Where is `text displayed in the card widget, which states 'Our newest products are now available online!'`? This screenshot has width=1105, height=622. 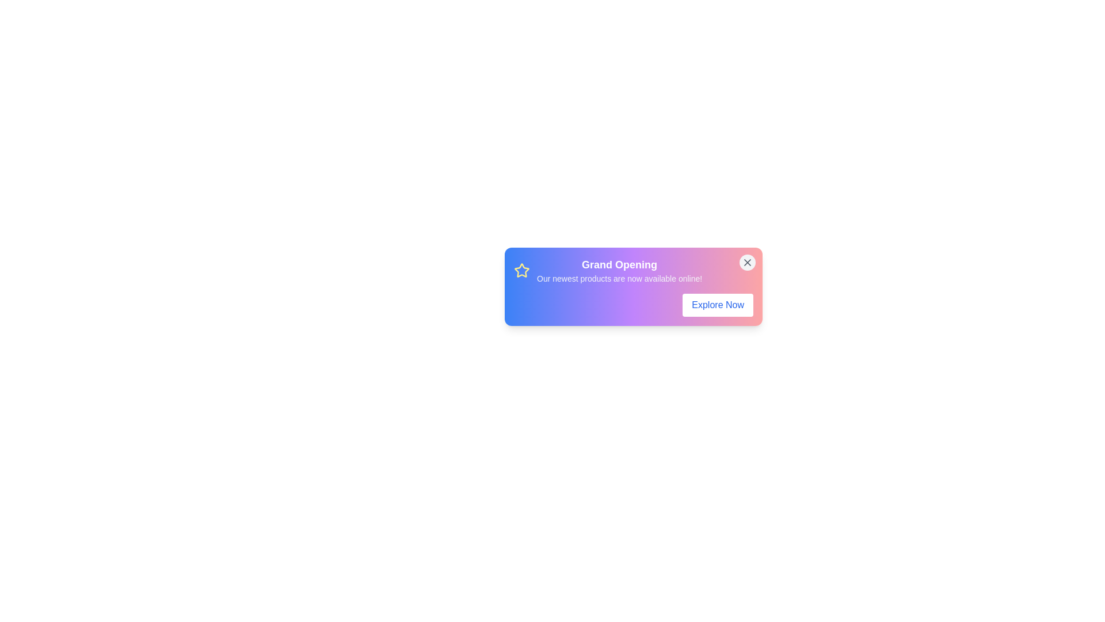 text displayed in the card widget, which states 'Our newest products are now available online!' is located at coordinates (619, 278).